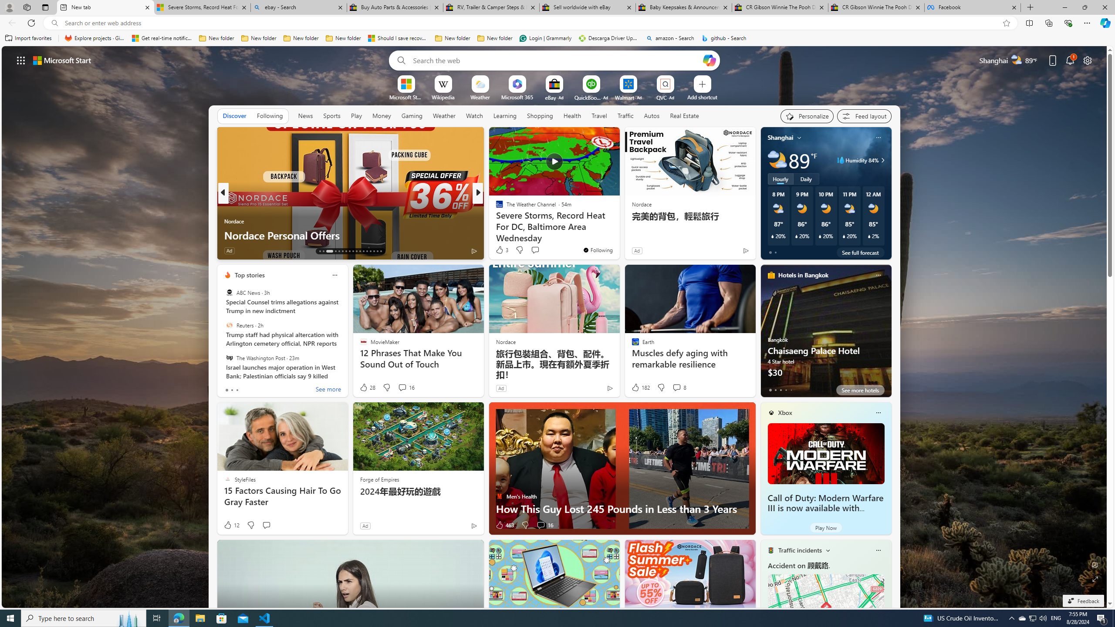  Describe the element at coordinates (501, 250) in the screenshot. I see `'353 Like'` at that location.